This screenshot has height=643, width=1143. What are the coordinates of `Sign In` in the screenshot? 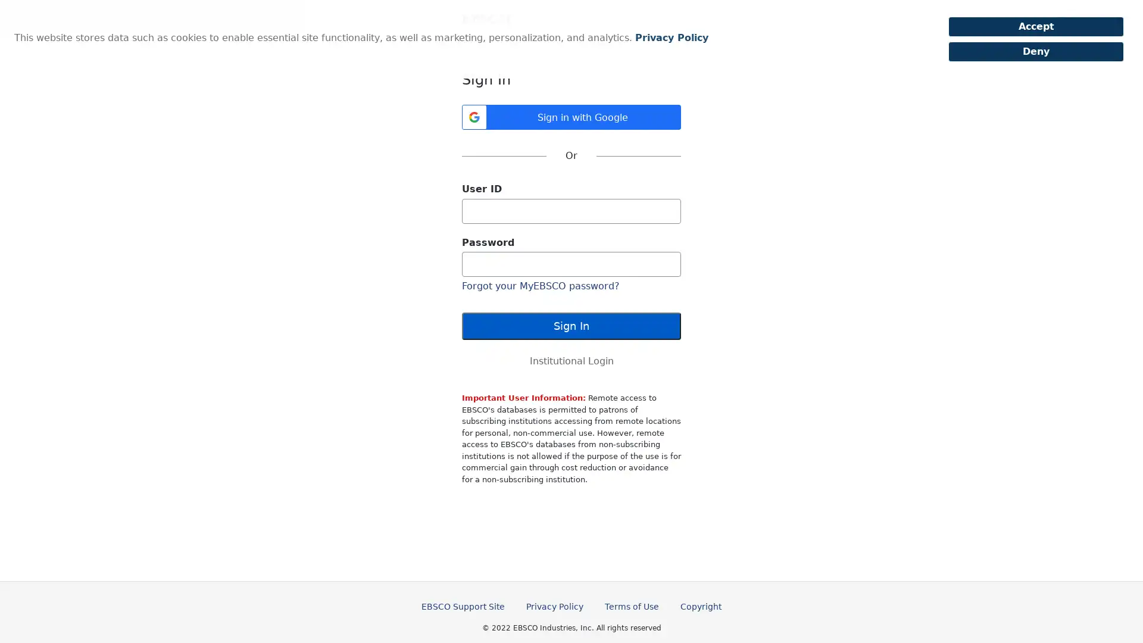 It's located at (571, 326).